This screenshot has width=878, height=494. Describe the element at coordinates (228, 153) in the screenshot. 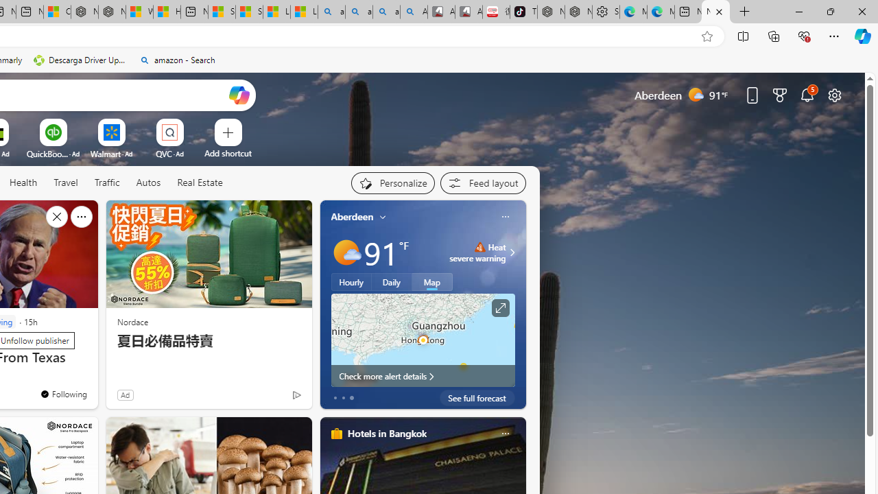

I see `'Add a site'` at that location.